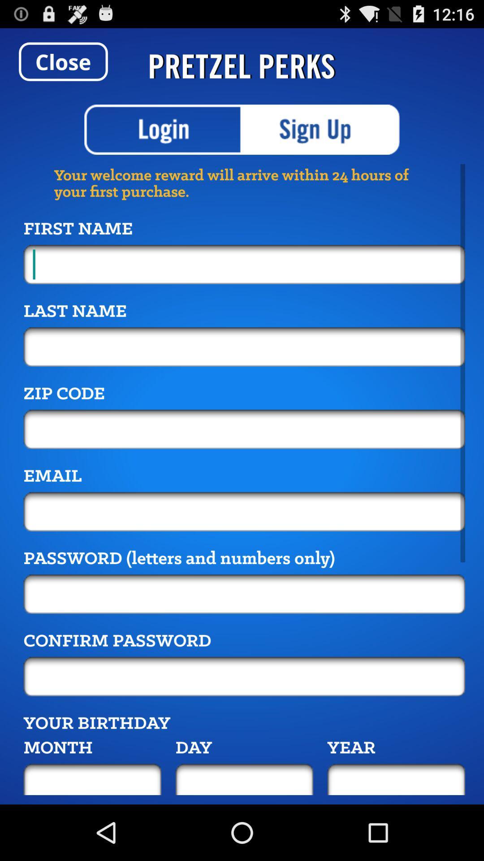 The height and width of the screenshot is (861, 484). What do you see at coordinates (244, 594) in the screenshot?
I see `the text field which is below the password letters and numbers only` at bounding box center [244, 594].